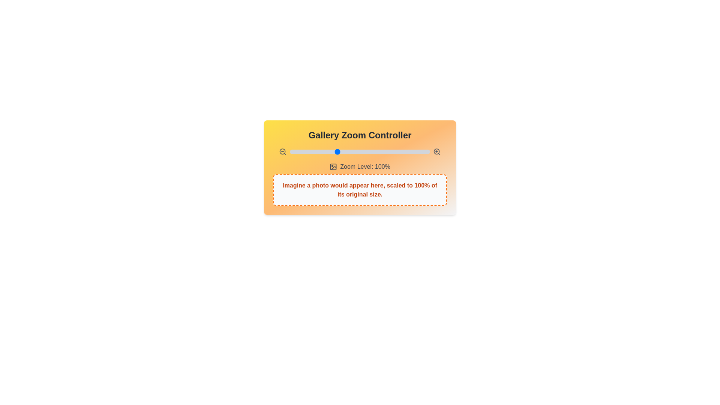  I want to click on the zoom level to 82% by interacting with the slider, so click(319, 152).